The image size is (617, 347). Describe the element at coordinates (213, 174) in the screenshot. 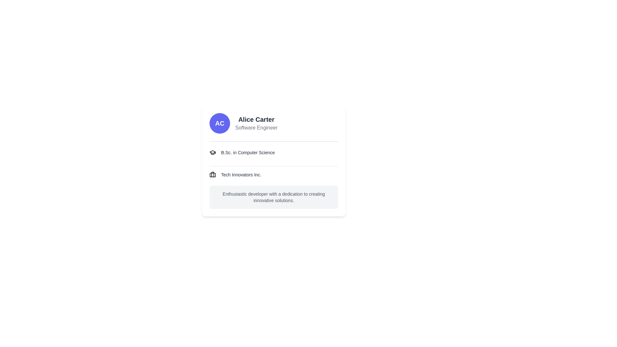

I see `the employment icon representing 'Tech Innovators Inc.' located to the left of the corresponding text in the user details section of the profile card` at that location.